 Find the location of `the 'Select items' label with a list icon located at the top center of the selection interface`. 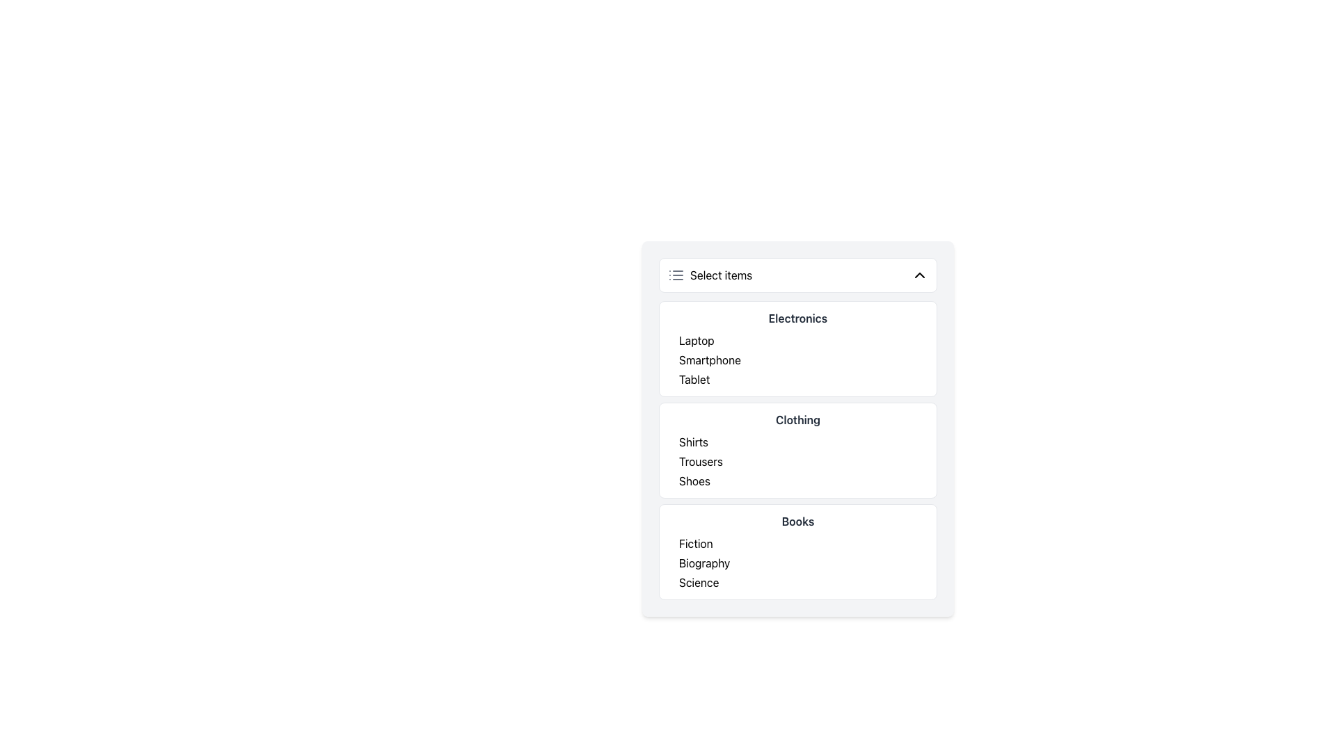

the 'Select items' label with a list icon located at the top center of the selection interface is located at coordinates (710, 275).